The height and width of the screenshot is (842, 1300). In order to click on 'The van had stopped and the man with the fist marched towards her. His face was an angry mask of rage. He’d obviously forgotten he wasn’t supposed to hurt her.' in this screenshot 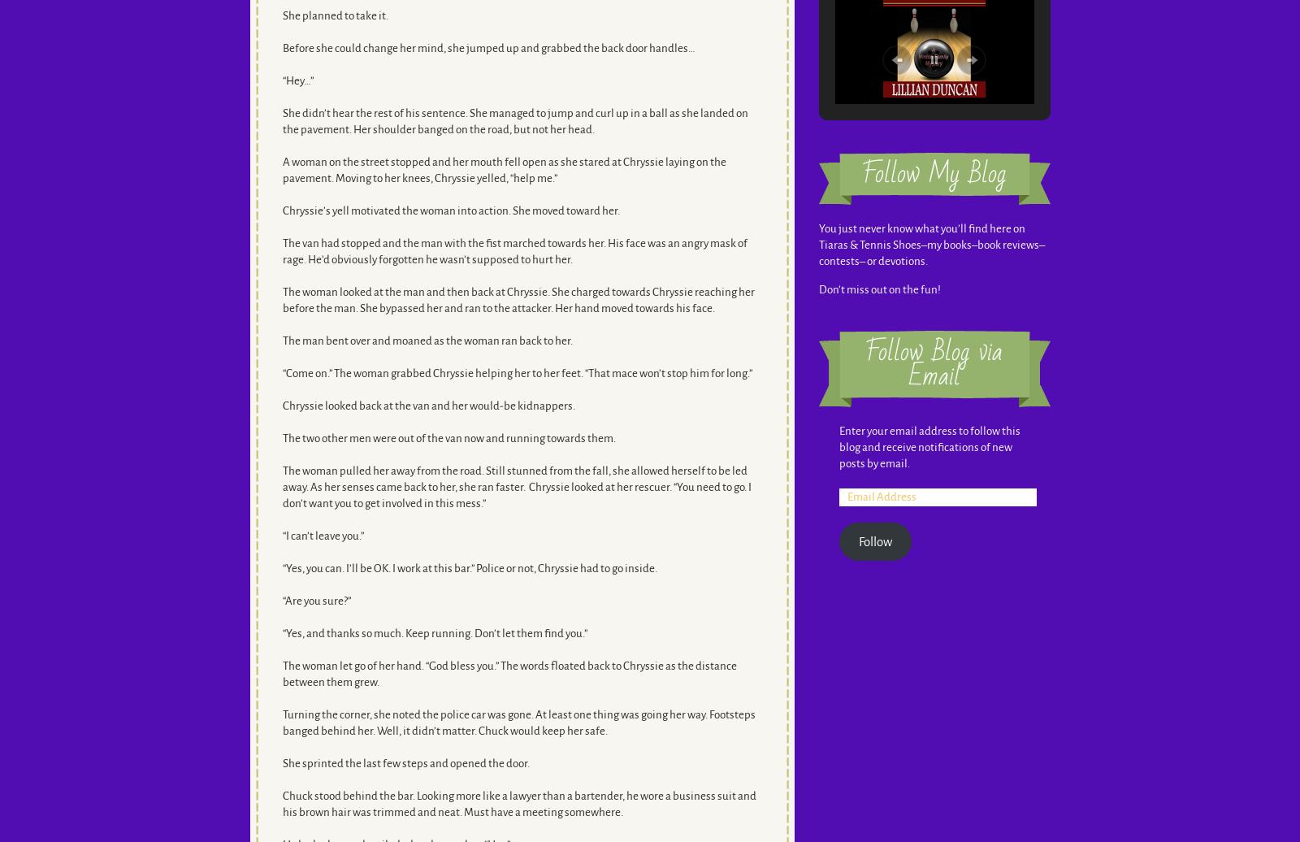, I will do `click(513, 251)`.